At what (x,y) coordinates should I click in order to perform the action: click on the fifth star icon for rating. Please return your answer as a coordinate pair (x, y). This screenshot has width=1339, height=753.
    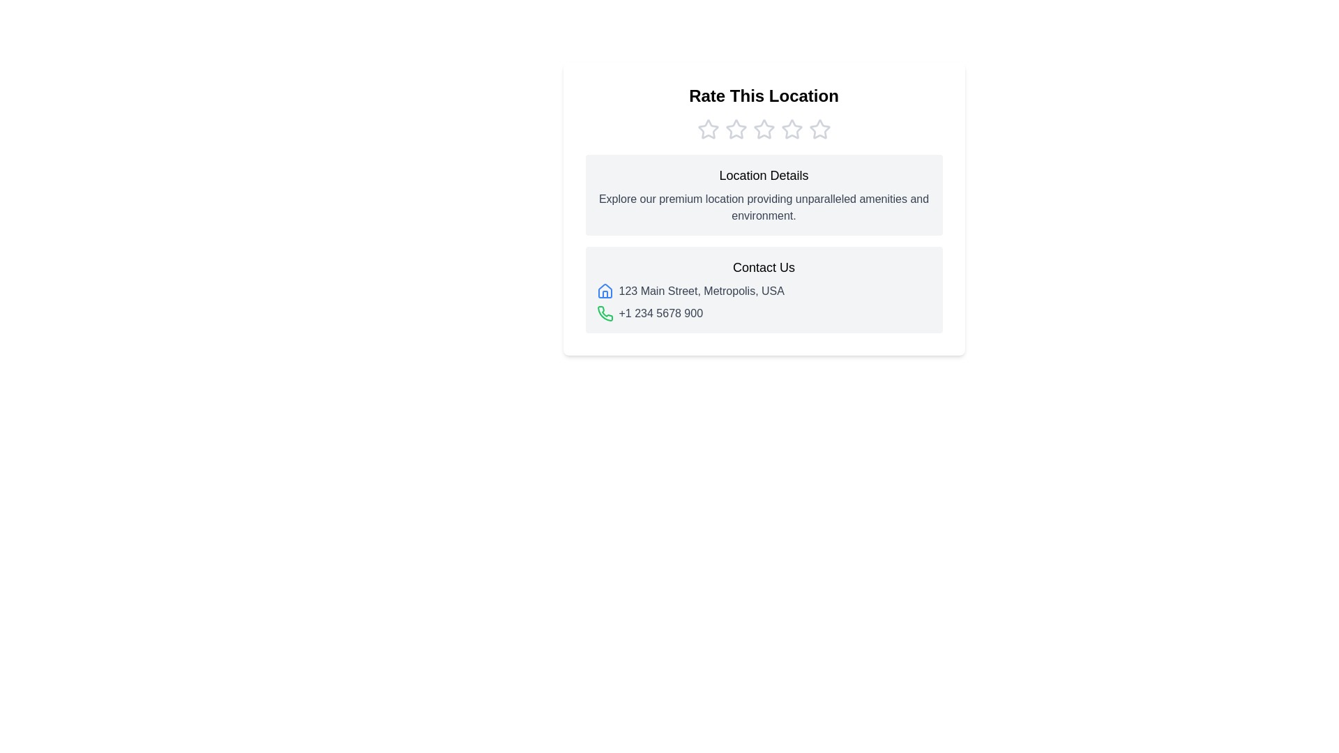
    Looking at the image, I should click on (819, 129).